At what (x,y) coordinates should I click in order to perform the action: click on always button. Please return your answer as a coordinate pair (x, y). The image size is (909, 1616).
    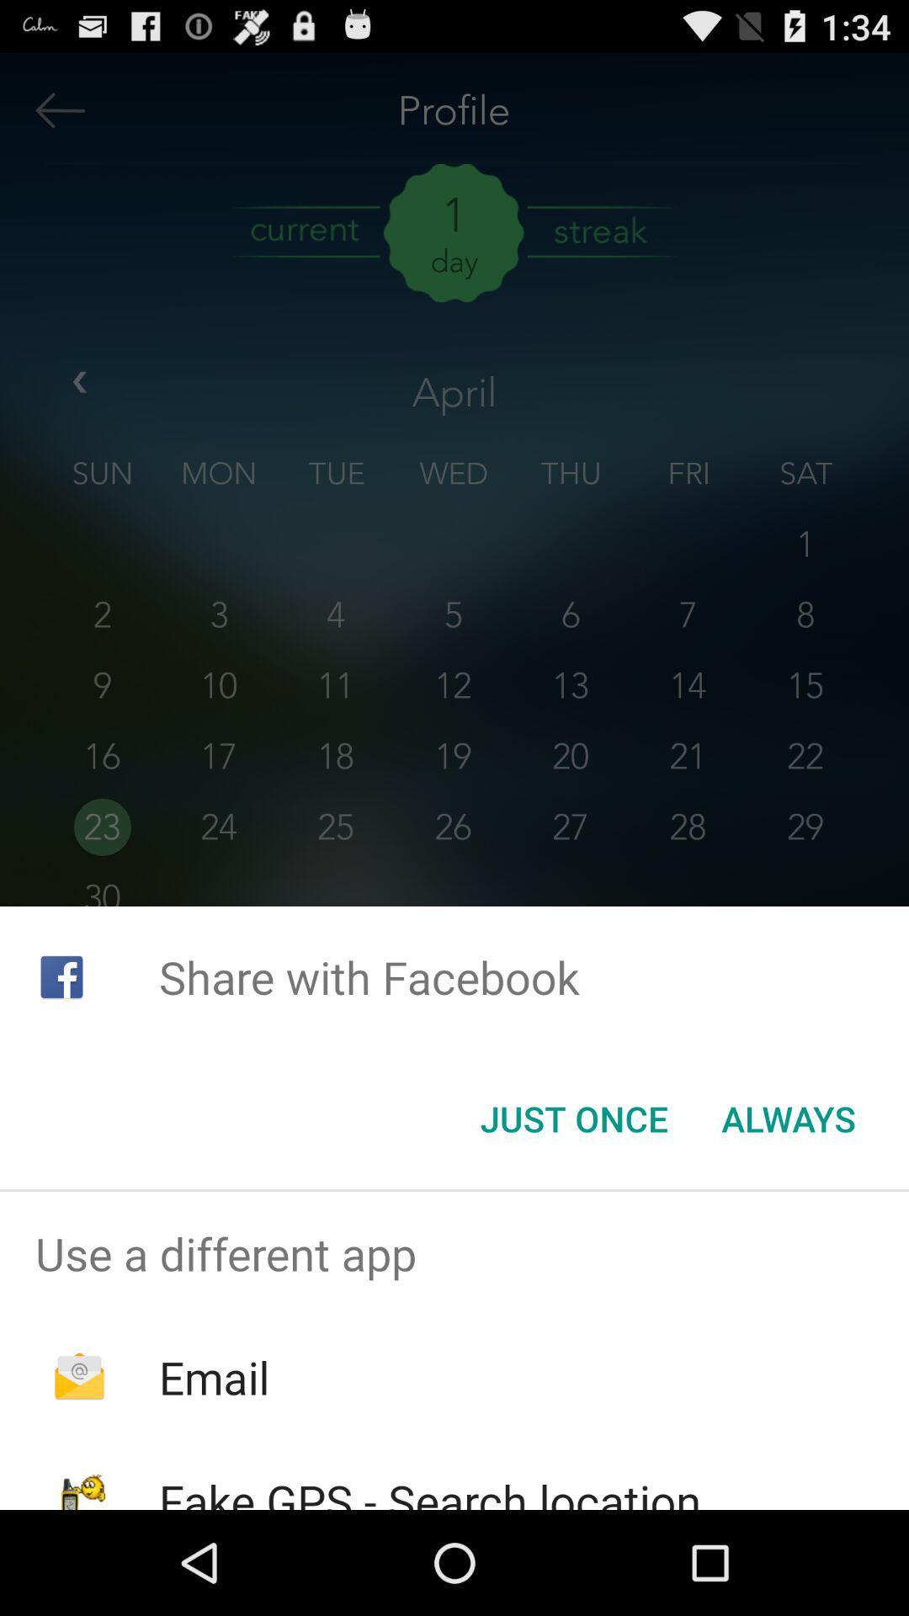
    Looking at the image, I should click on (789, 1119).